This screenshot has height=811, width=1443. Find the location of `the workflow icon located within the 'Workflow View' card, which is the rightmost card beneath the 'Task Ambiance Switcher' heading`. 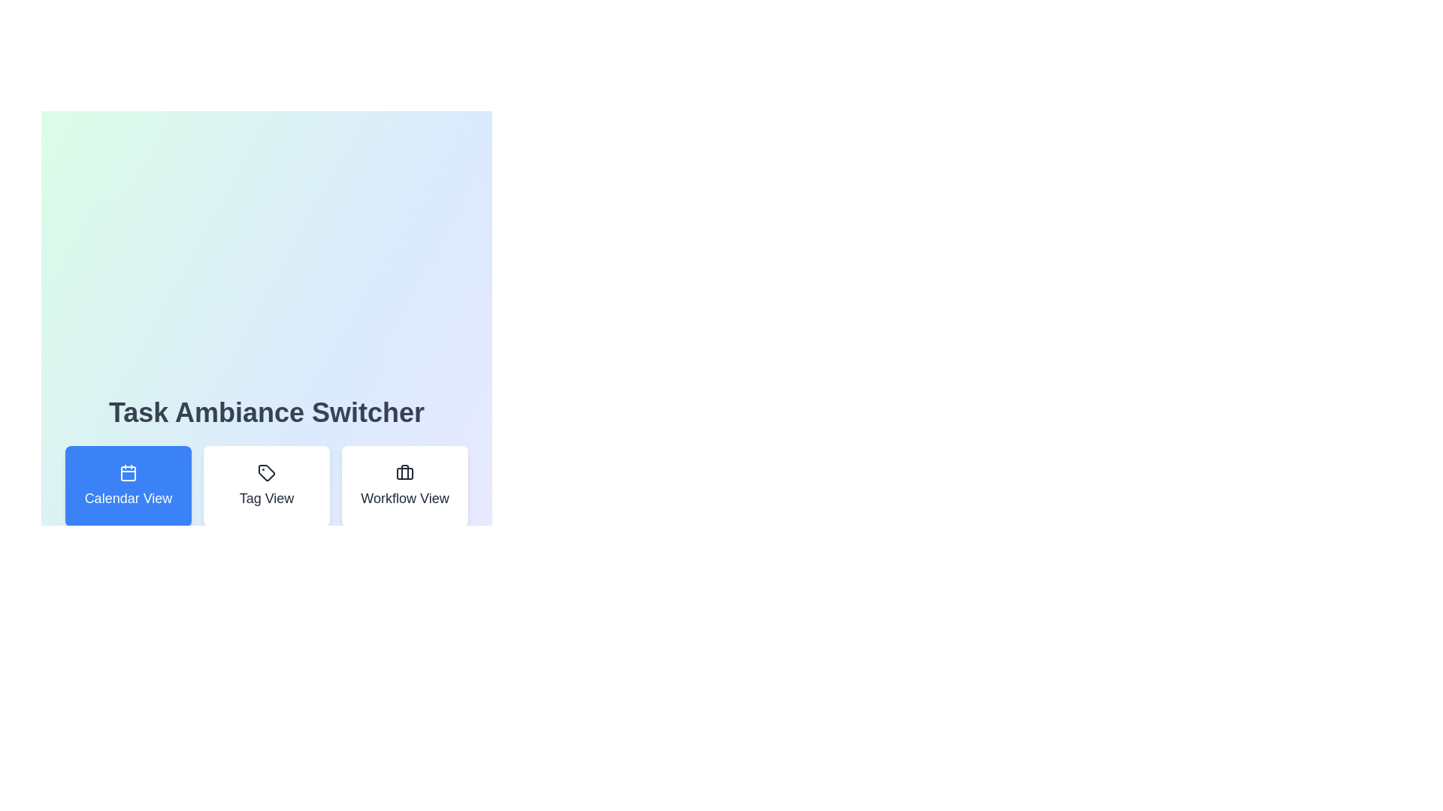

the workflow icon located within the 'Workflow View' card, which is the rightmost card beneath the 'Task Ambiance Switcher' heading is located at coordinates (404, 472).